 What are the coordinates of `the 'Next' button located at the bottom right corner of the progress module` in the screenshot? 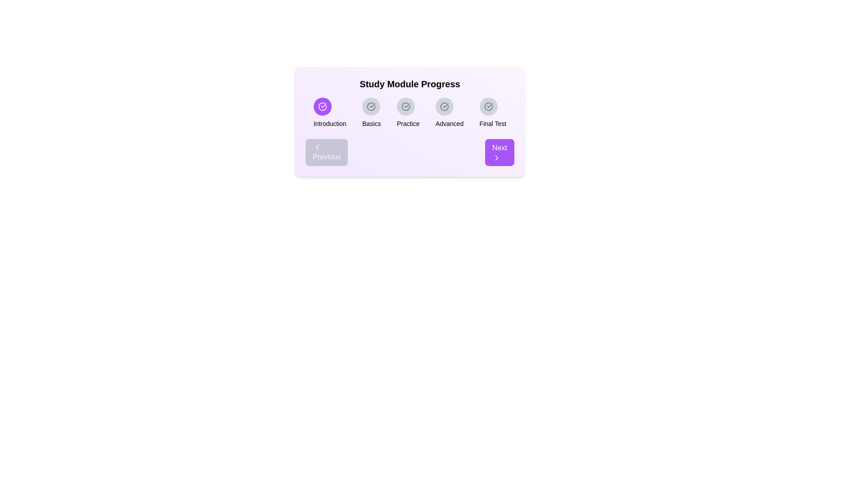 It's located at (499, 152).